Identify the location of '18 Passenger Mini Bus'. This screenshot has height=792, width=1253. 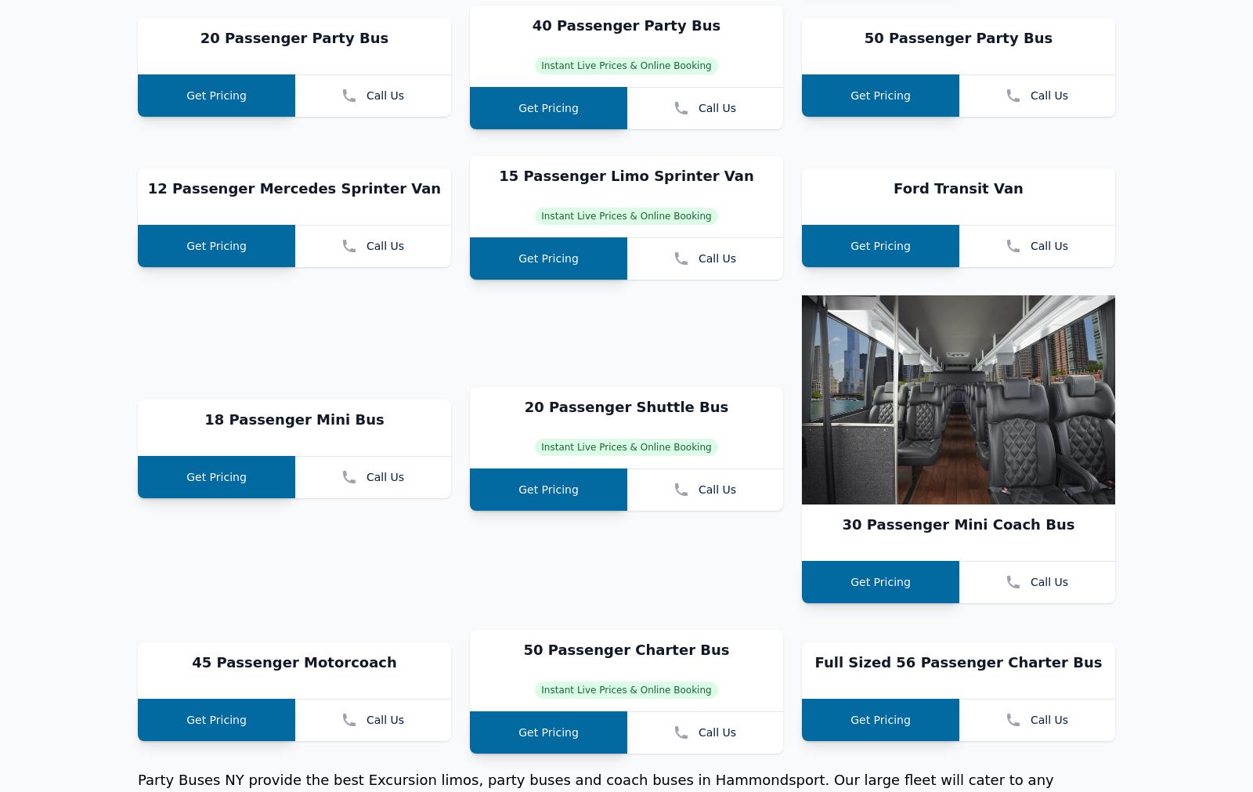
(294, 627).